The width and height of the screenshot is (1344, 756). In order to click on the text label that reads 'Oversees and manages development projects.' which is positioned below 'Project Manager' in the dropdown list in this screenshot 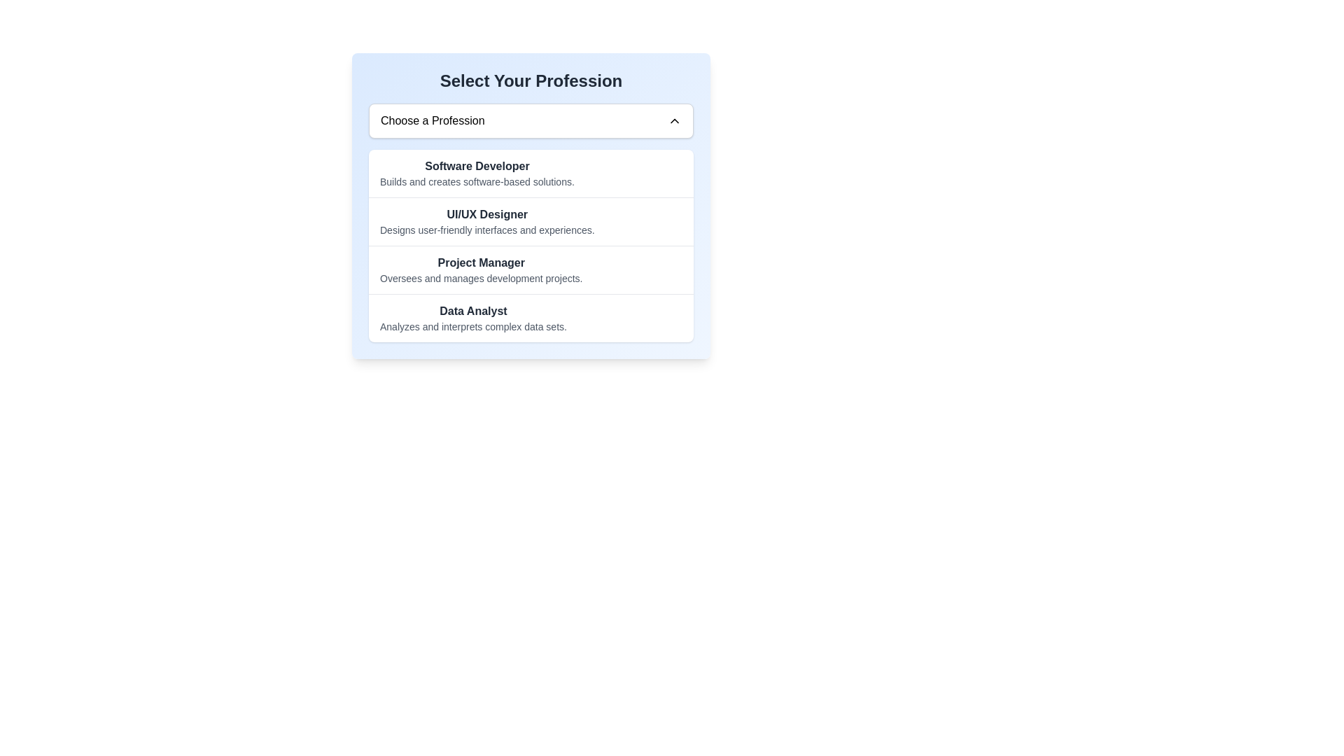, I will do `click(481, 278)`.